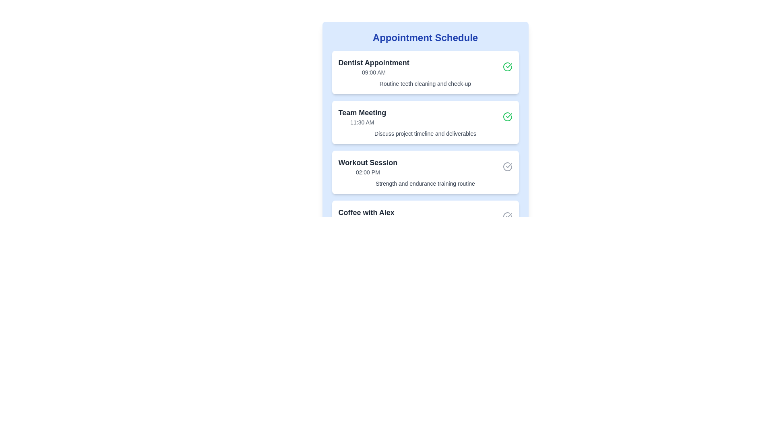  What do you see at coordinates (425, 84) in the screenshot?
I see `the Text Label providing additional information about the 'Dentist Appointment' located in the second block under the heading and time text ('09:00 AM')` at bounding box center [425, 84].